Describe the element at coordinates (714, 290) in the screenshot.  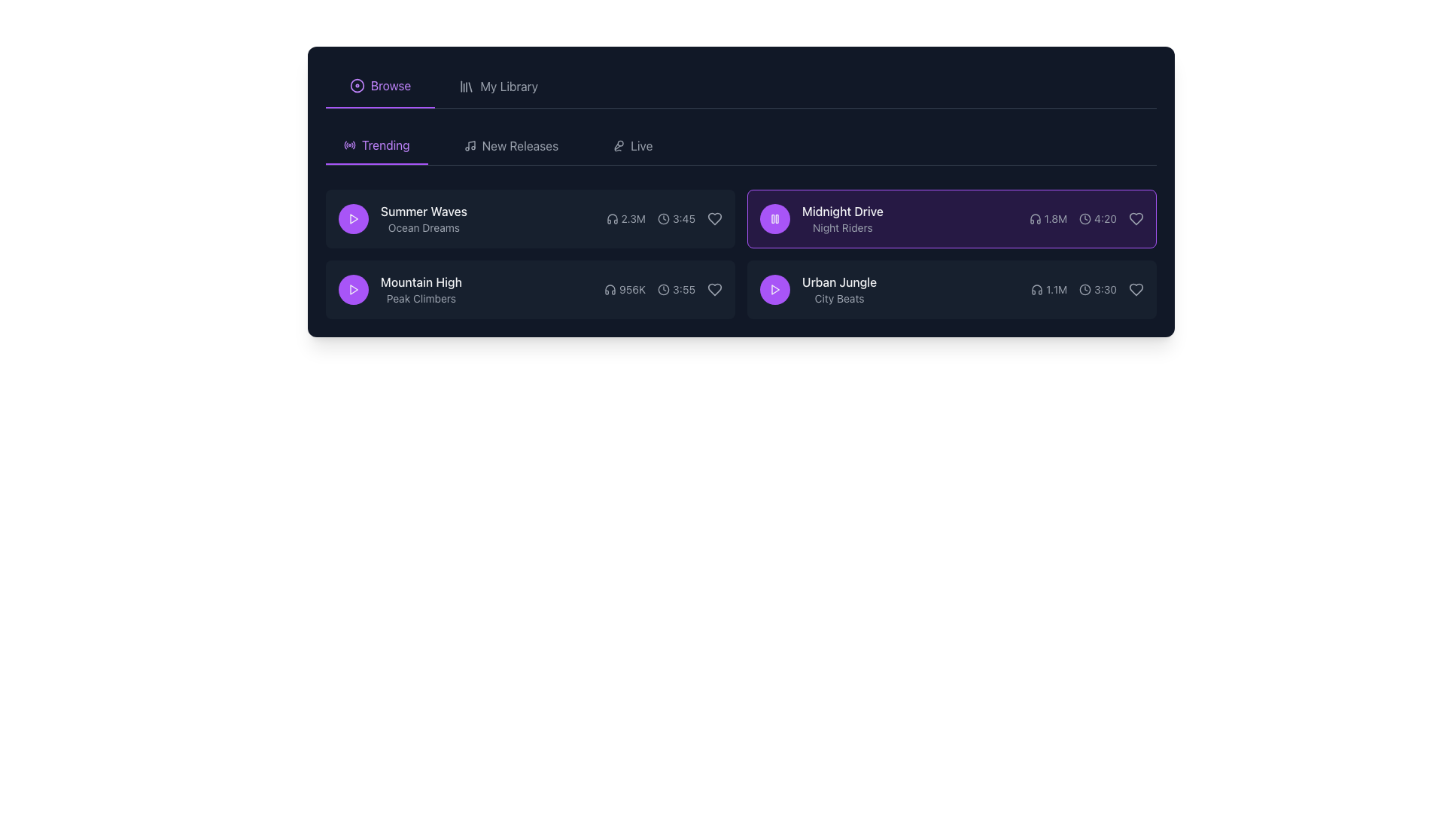
I see `the heart icon on the rightmost side of the row for the song 'Mountain High' by 'Peak Climbers'` at that location.